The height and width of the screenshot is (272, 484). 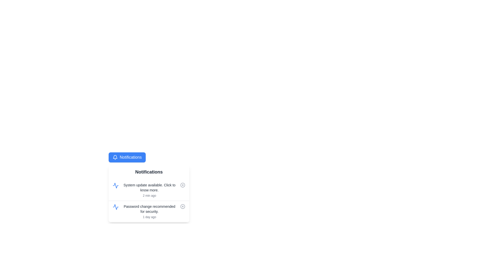 I want to click on the 'Notifications' button to toggle the visibility of the dropdown menu, so click(x=127, y=157).